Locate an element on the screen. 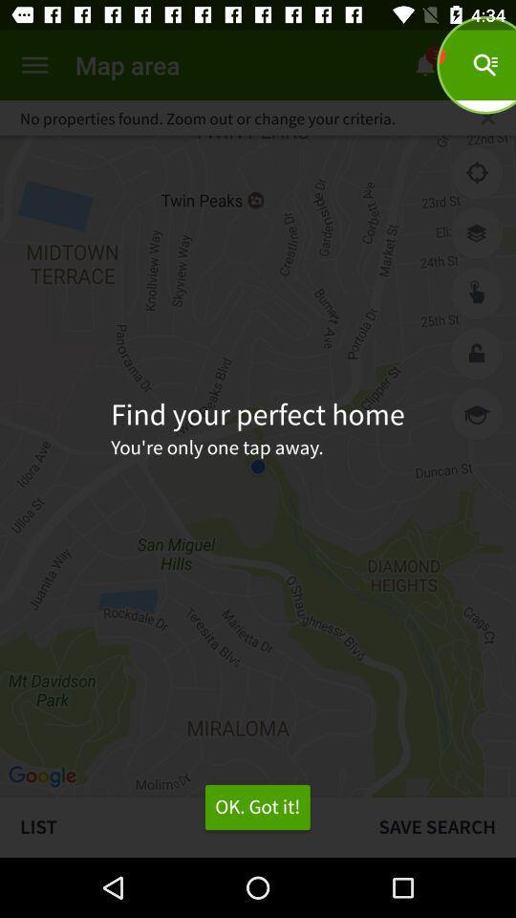  icon below the no properties found item is located at coordinates (476, 173).